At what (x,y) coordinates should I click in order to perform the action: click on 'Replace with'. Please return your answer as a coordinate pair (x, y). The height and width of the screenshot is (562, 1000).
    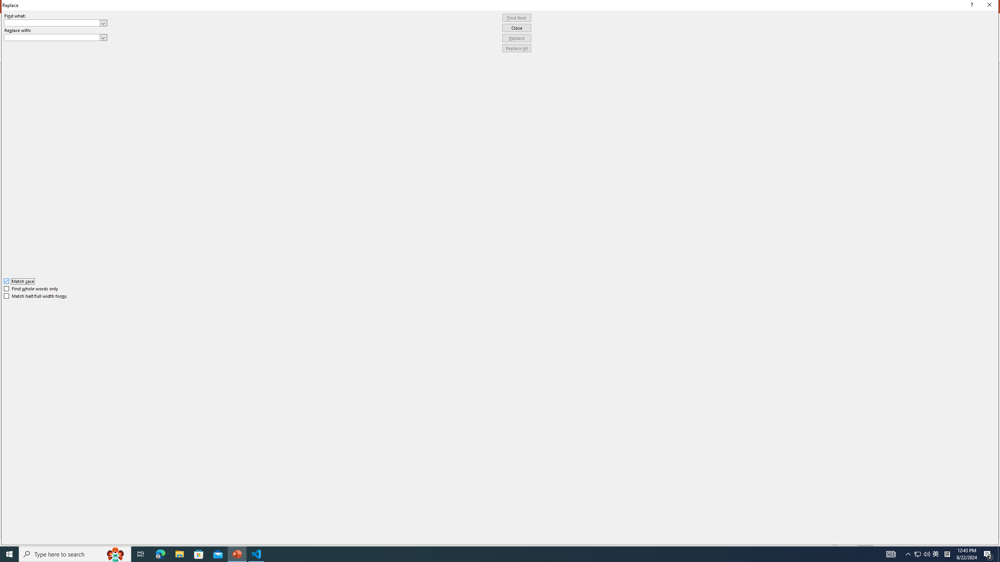
    Looking at the image, I should click on (52, 37).